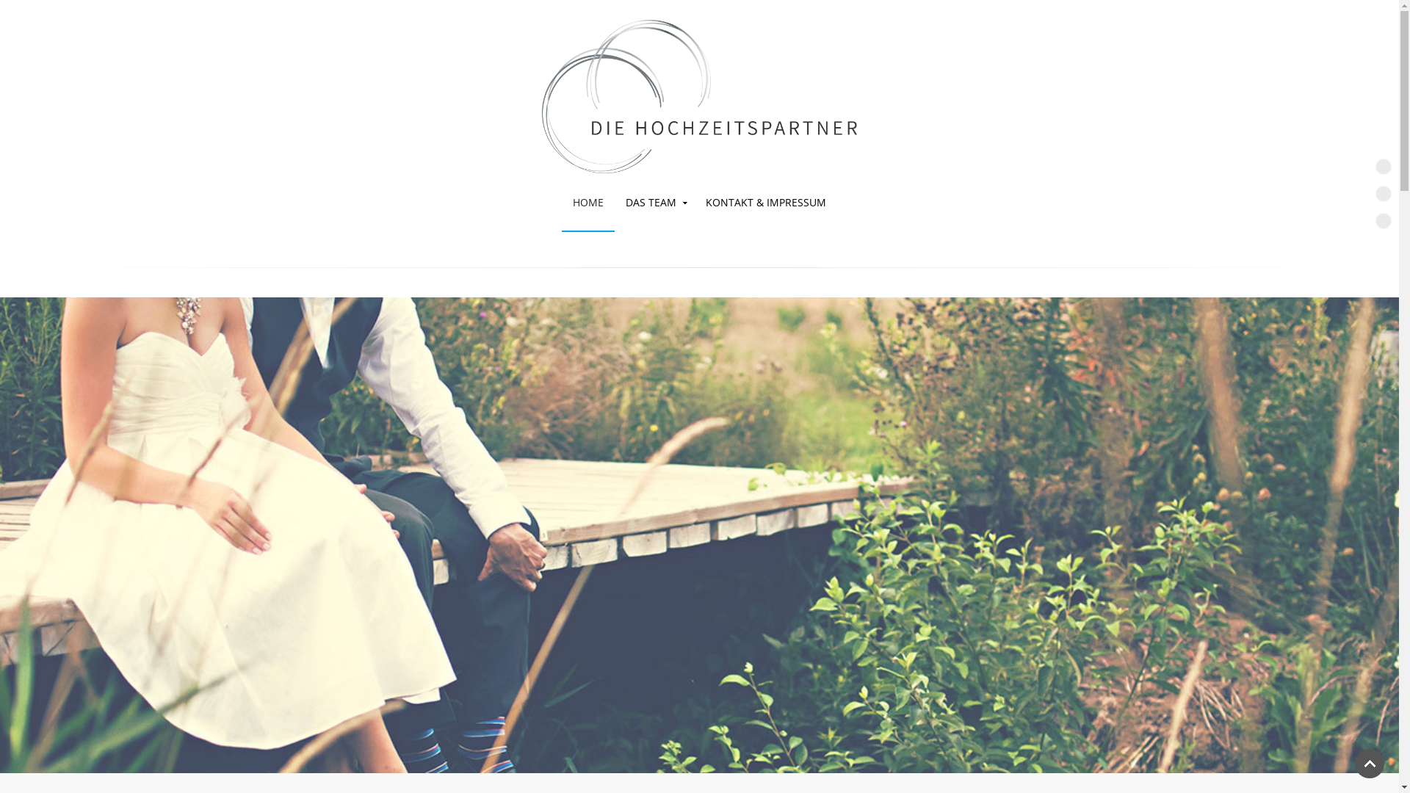  What do you see at coordinates (654, 203) in the screenshot?
I see `'DAS TEAM'` at bounding box center [654, 203].